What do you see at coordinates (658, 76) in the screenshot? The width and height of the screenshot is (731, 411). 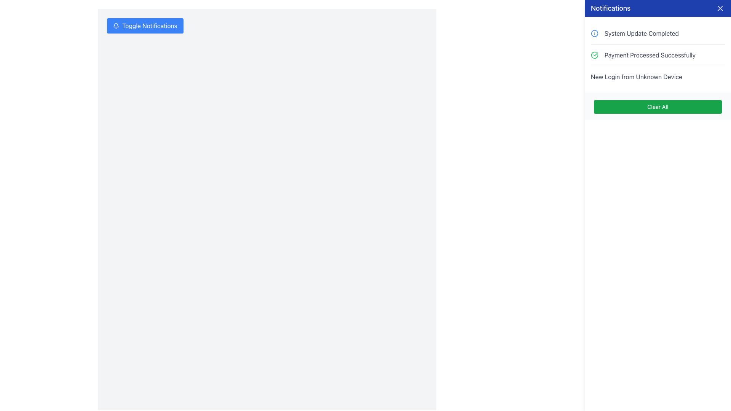 I see `static text element that informs the user about a recent login from an unrecognized device, which is the third entry in the notification list under the 'Notifications' header` at bounding box center [658, 76].